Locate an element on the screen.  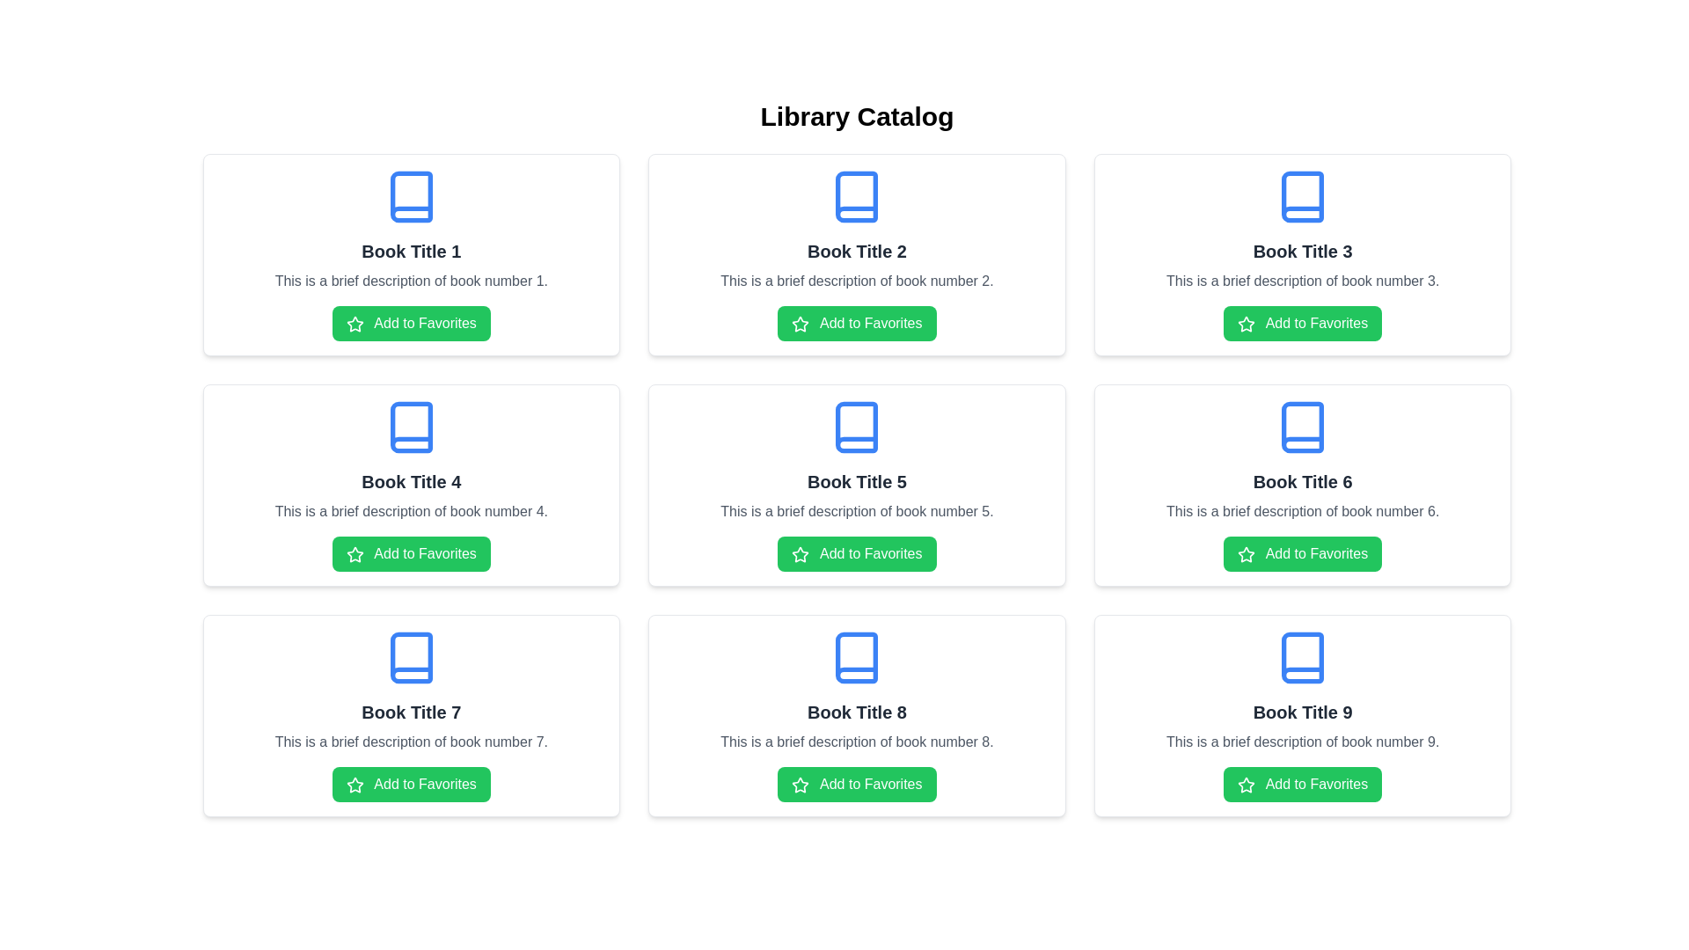
the star icon within the green 'Add to Favorites' button located in the second card from the left, corresponding to 'Book Title 3', to rate it is located at coordinates (1246, 324).